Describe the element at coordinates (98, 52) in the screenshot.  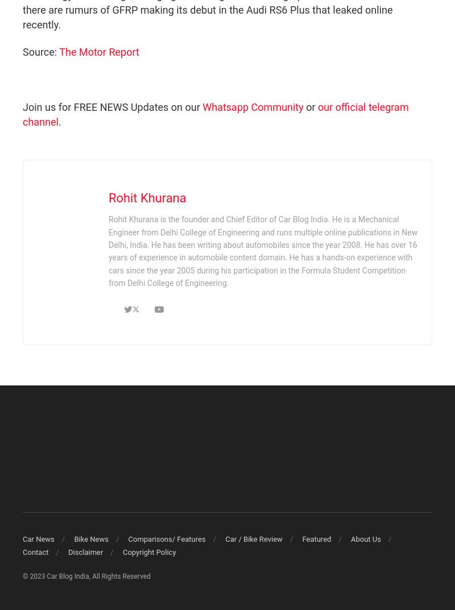
I see `'The Motor Report'` at that location.